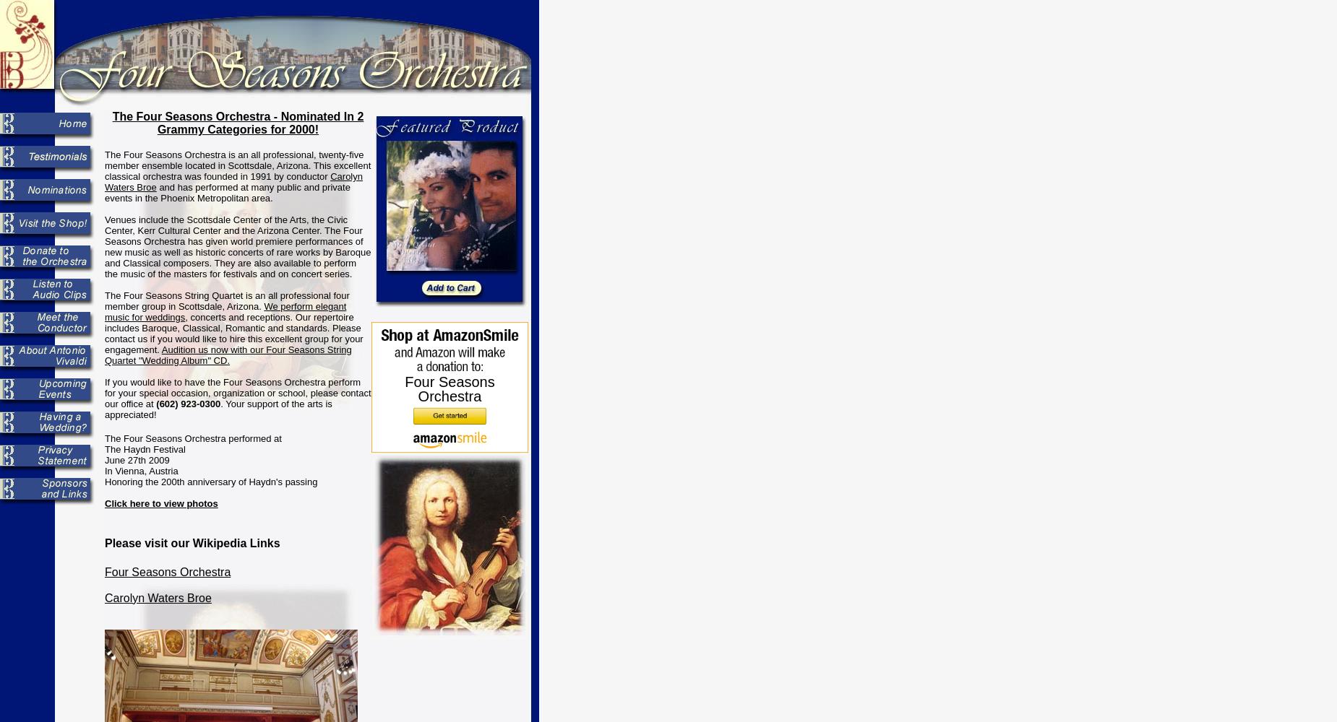 The width and height of the screenshot is (1337, 722). Describe the element at coordinates (217, 409) in the screenshot. I see `'. Your support of the arts 

                  is appreciated!'` at that location.